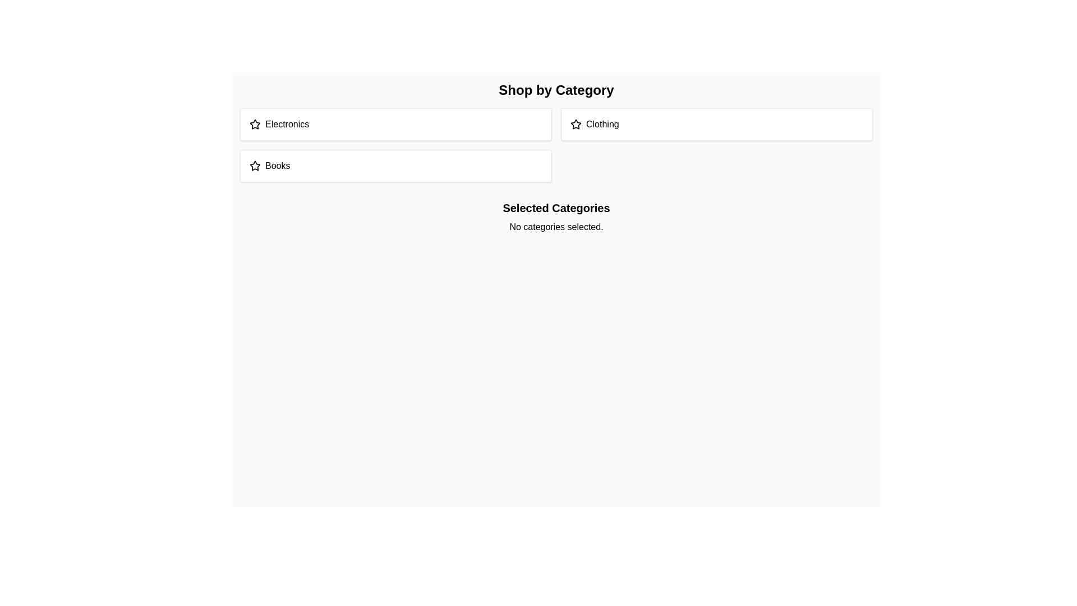 Image resolution: width=1077 pixels, height=606 pixels. Describe the element at coordinates (395, 125) in the screenshot. I see `the 'Electronics' category button` at that location.